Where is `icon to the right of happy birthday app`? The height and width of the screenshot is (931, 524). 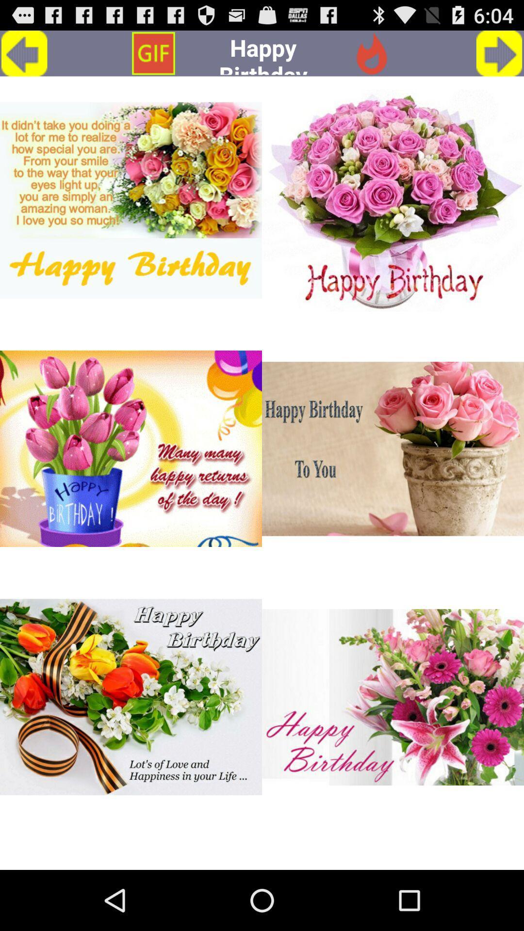
icon to the right of happy birthday app is located at coordinates (371, 53).